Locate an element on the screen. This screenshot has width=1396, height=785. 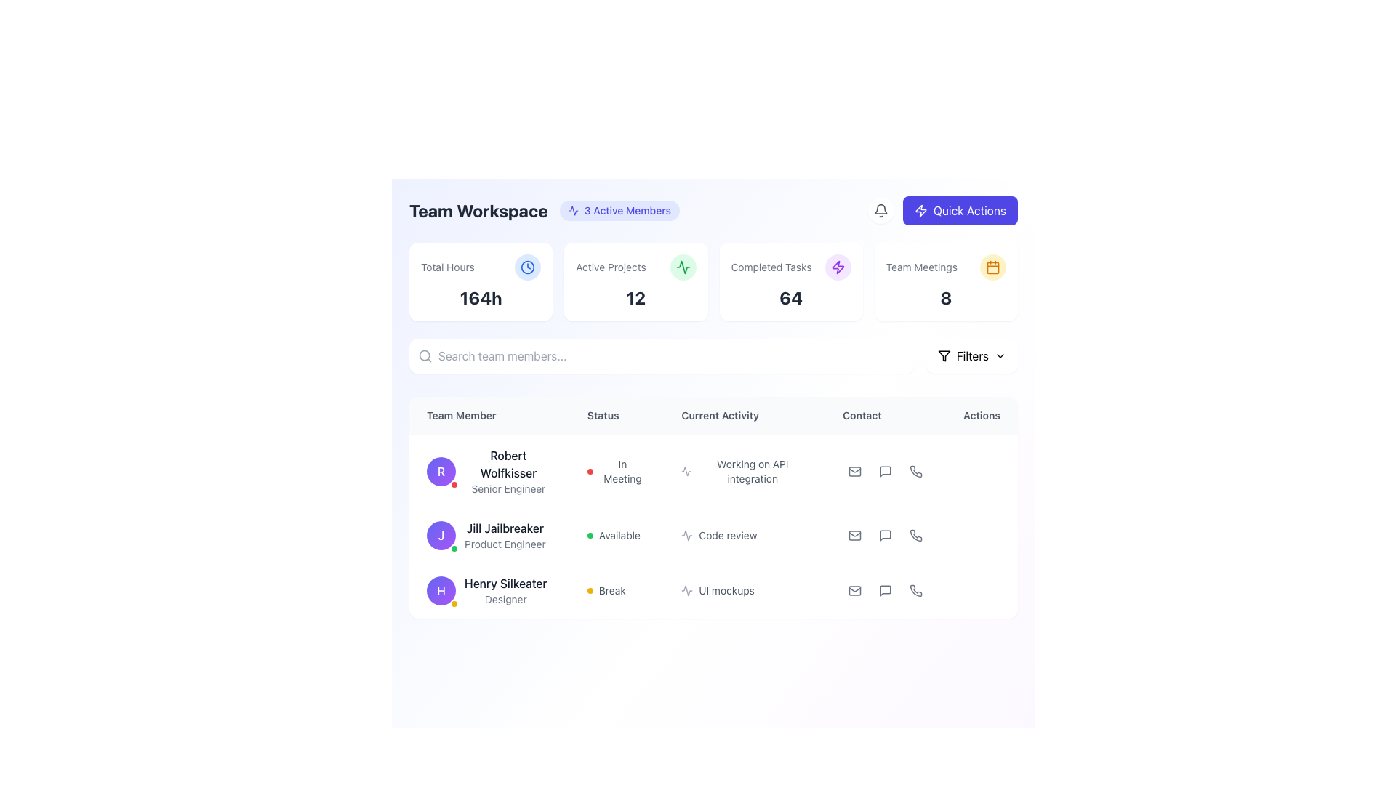
the Status indicator for Jill Jailbreaker, which indicates her availability status located in the second row of the Status column in the table layout is located at coordinates (617, 535).